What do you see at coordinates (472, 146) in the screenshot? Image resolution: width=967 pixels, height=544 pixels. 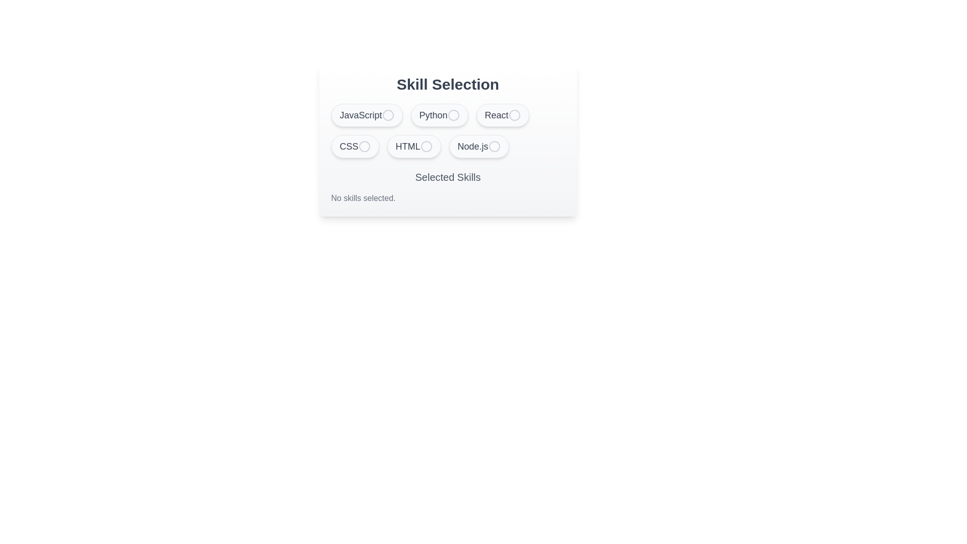 I see `the text label for the skill 'Node.js' located in the sixth button of the skill selection grid` at bounding box center [472, 146].